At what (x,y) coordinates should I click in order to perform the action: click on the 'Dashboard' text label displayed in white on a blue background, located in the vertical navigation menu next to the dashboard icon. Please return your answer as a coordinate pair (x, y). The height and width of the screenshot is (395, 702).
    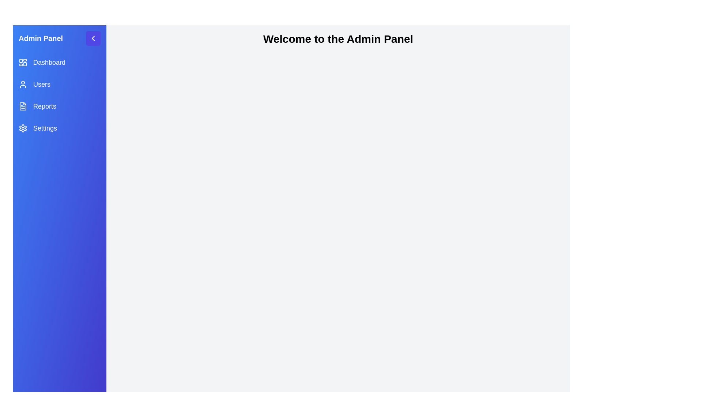
    Looking at the image, I should click on (49, 62).